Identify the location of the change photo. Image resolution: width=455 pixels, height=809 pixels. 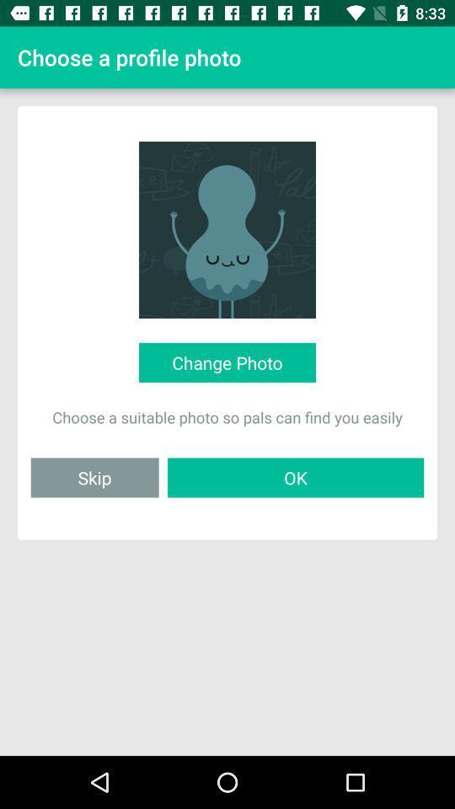
(227, 362).